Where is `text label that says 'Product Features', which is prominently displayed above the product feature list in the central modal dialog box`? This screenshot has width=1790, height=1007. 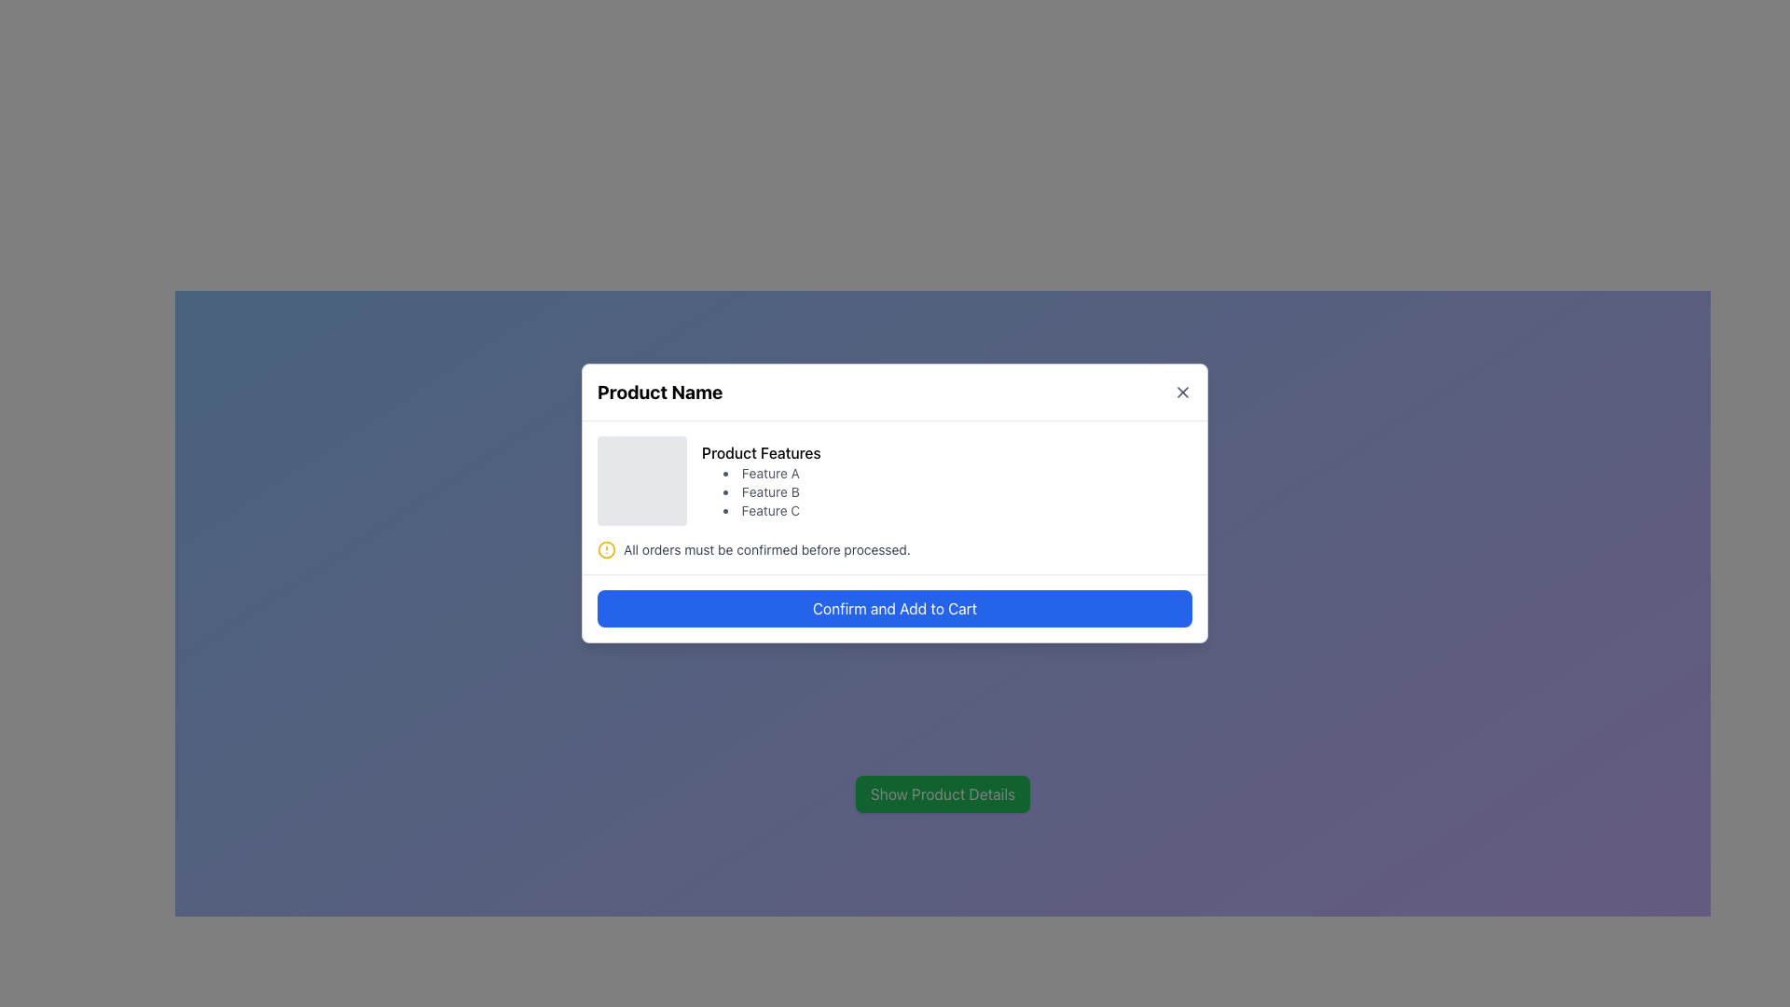 text label that says 'Product Features', which is prominently displayed above the product feature list in the central modal dialog box is located at coordinates (761, 453).